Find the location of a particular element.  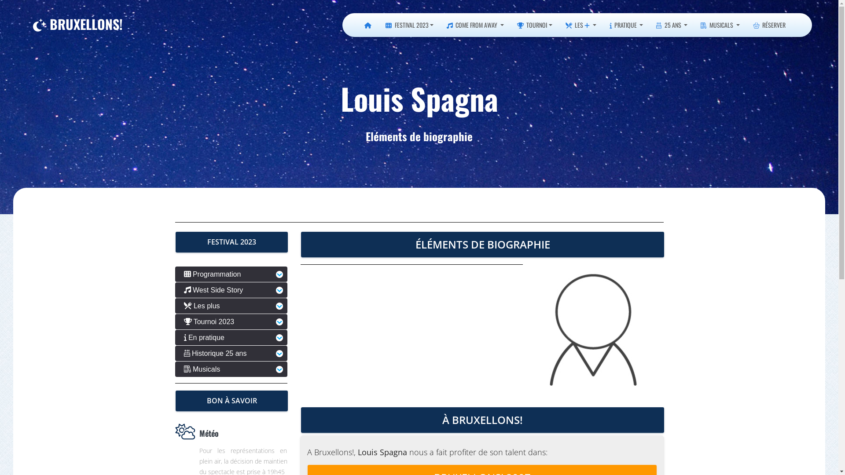

'Historique 25 ans' is located at coordinates (231, 353).